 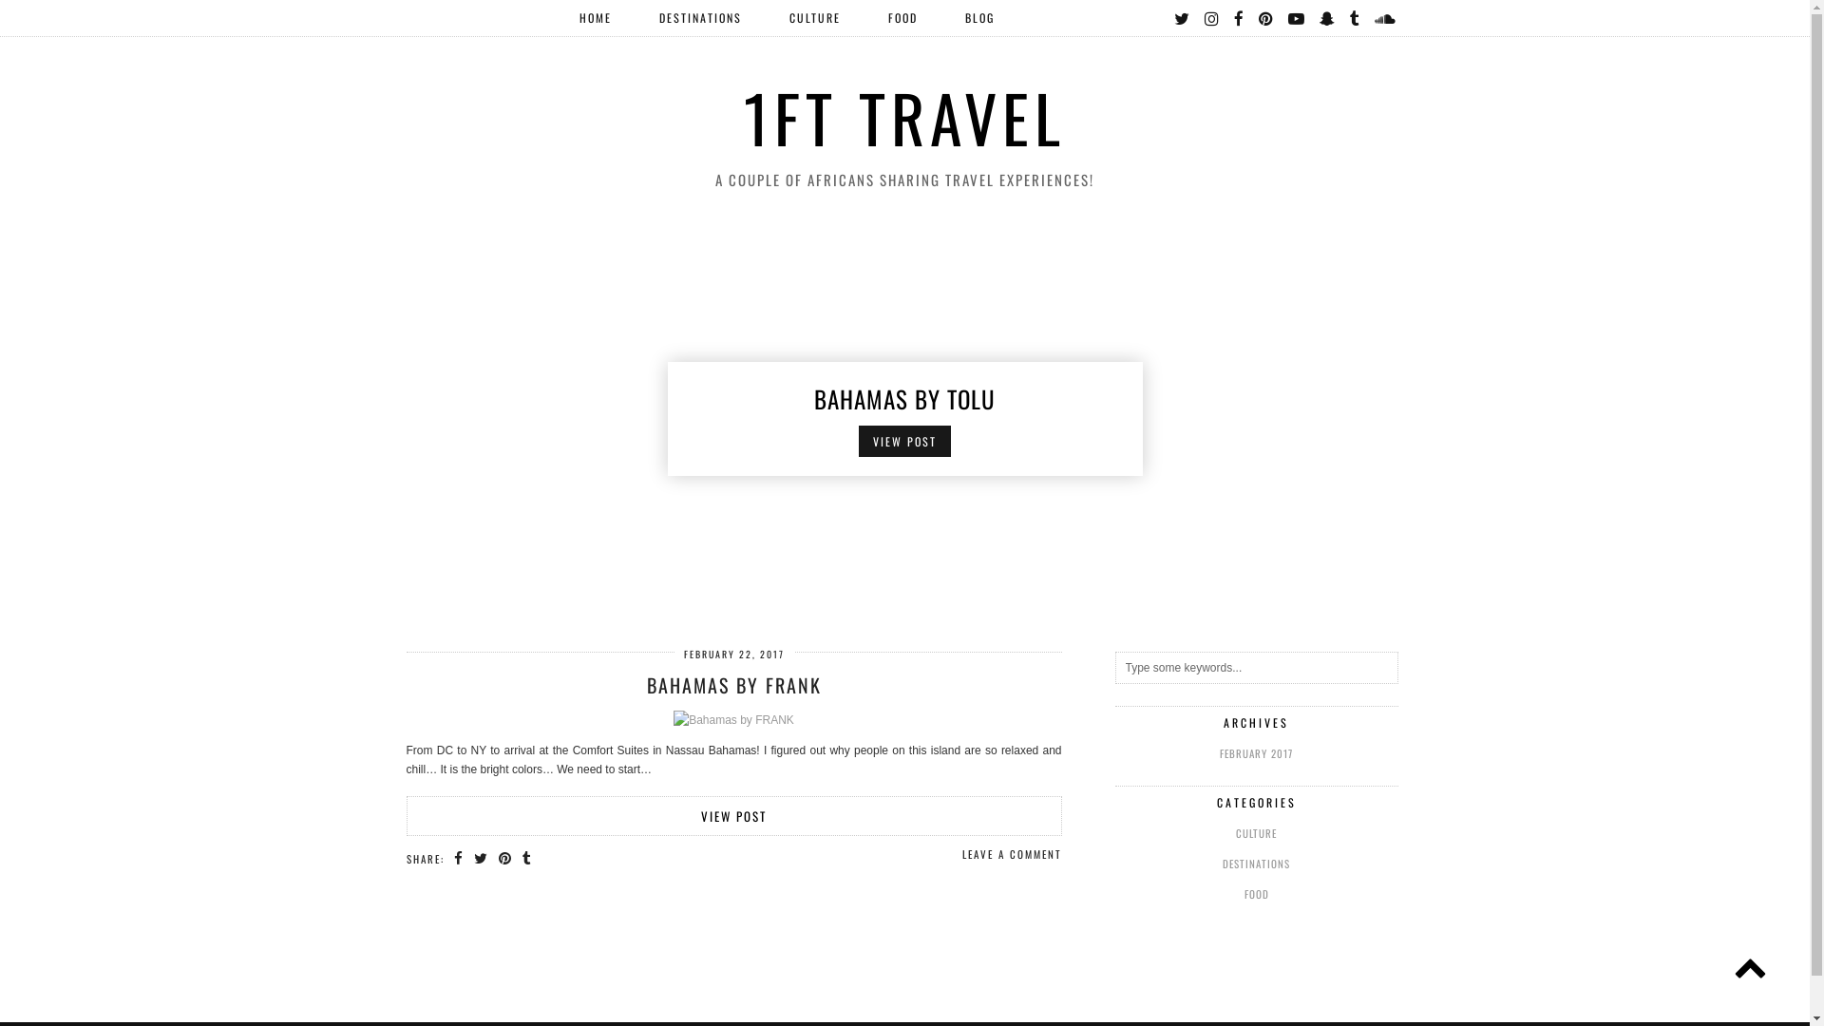 What do you see at coordinates (978, 18) in the screenshot?
I see `'BLOG'` at bounding box center [978, 18].